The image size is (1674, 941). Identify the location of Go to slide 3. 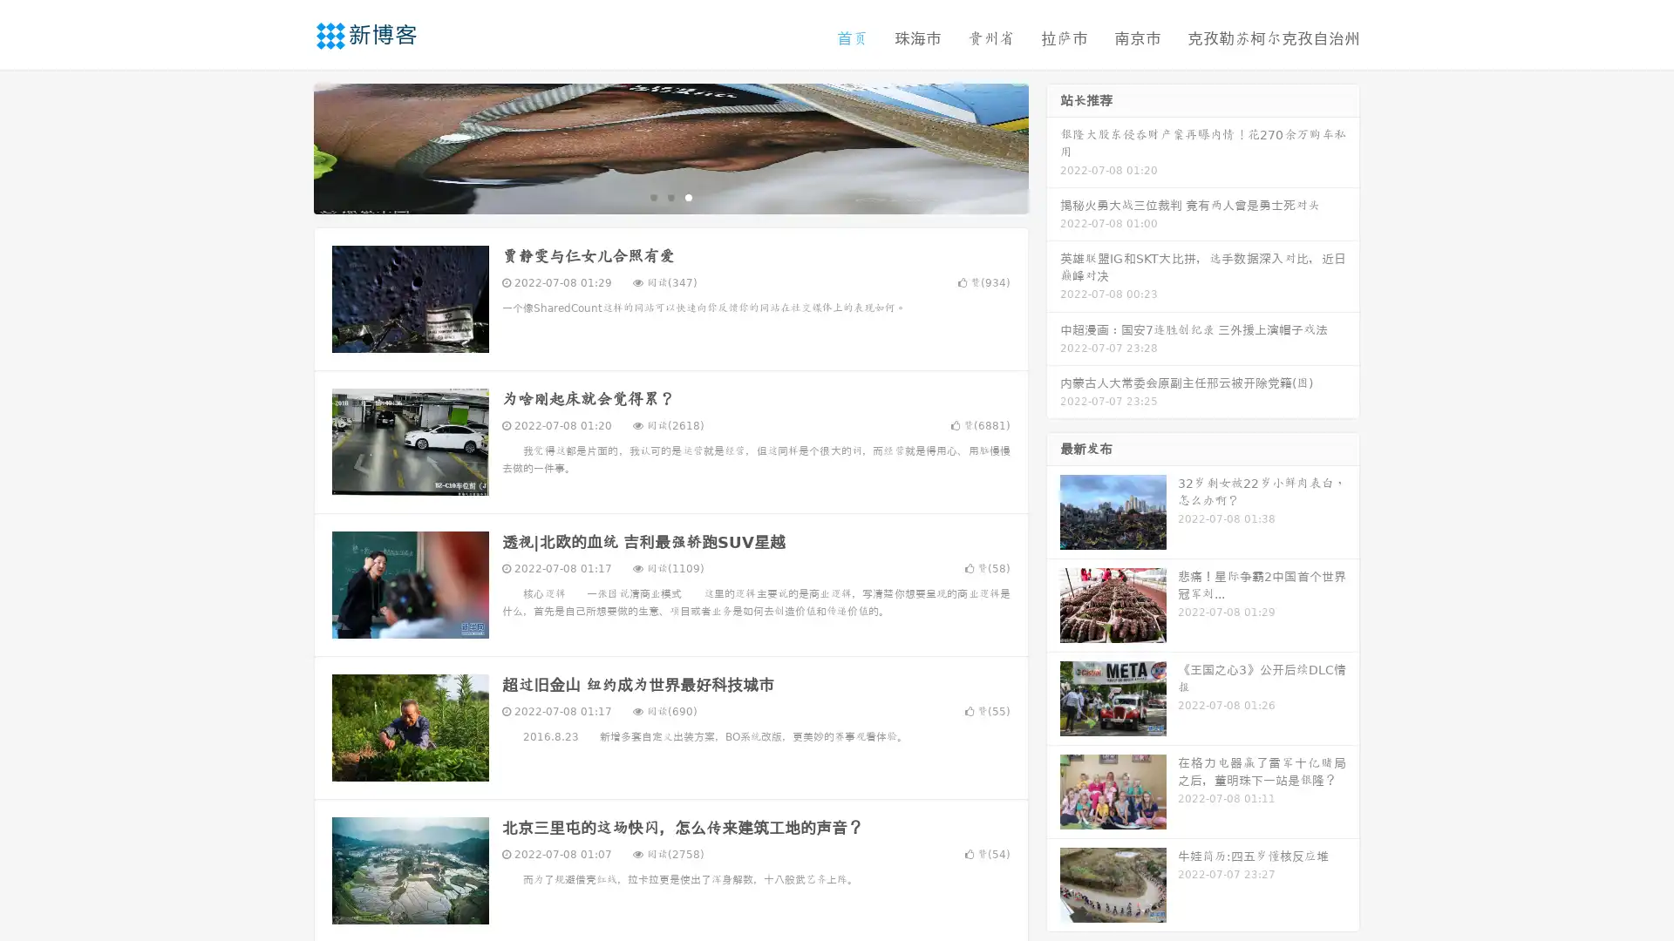
(688, 196).